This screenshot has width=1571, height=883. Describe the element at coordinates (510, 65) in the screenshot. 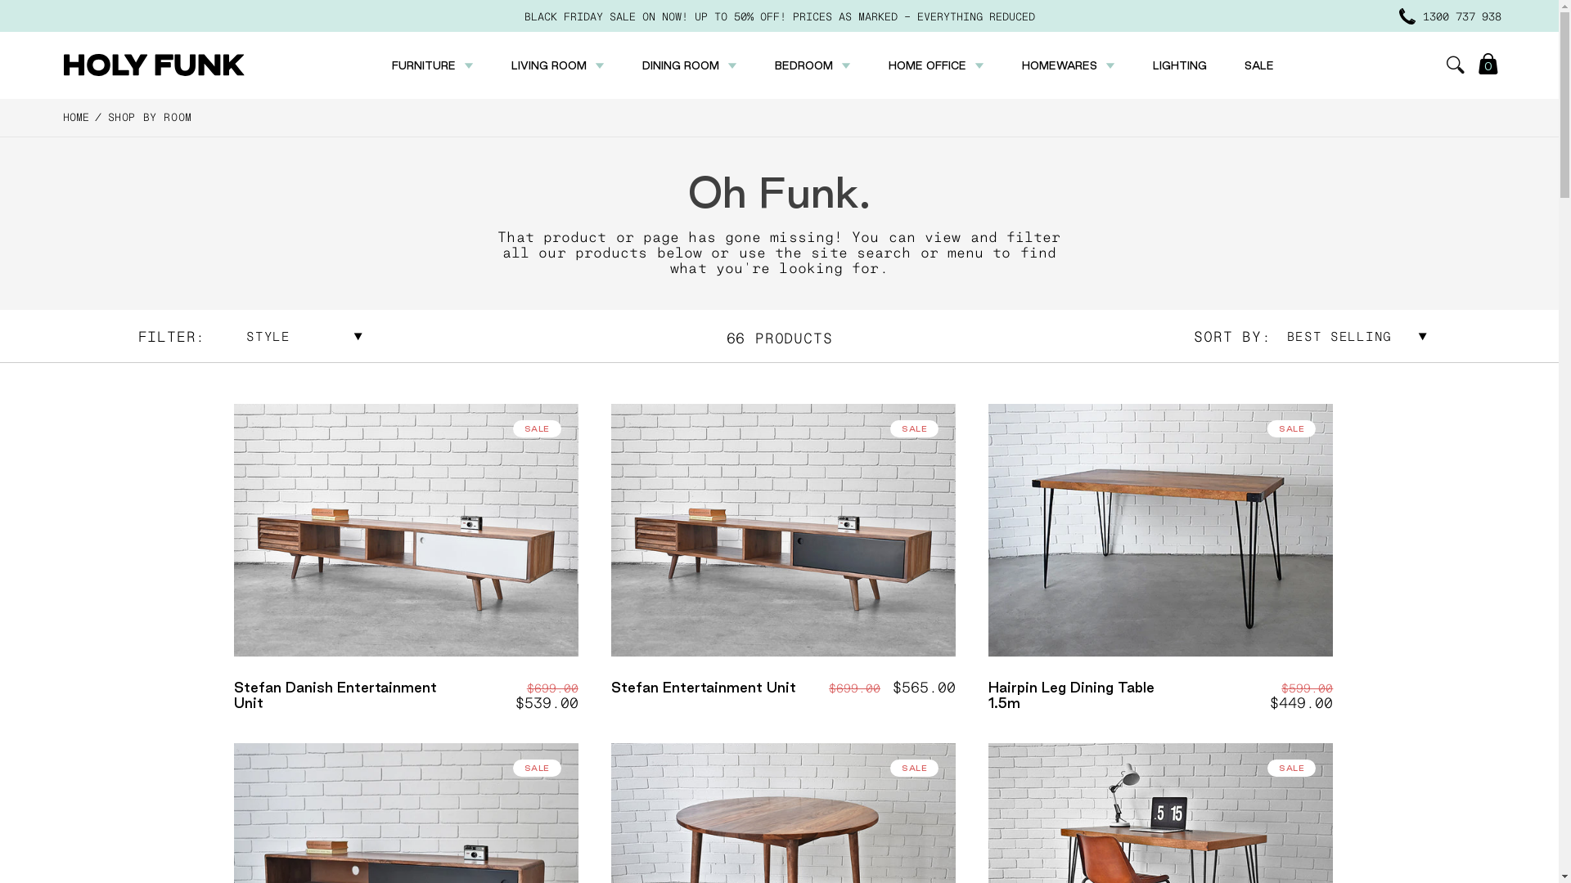

I see `'LIVING ROOM'` at that location.